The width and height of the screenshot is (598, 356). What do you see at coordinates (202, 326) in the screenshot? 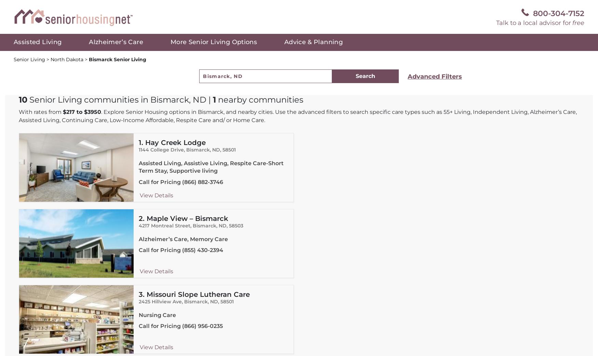
I see `'(866) 956-0235'` at bounding box center [202, 326].